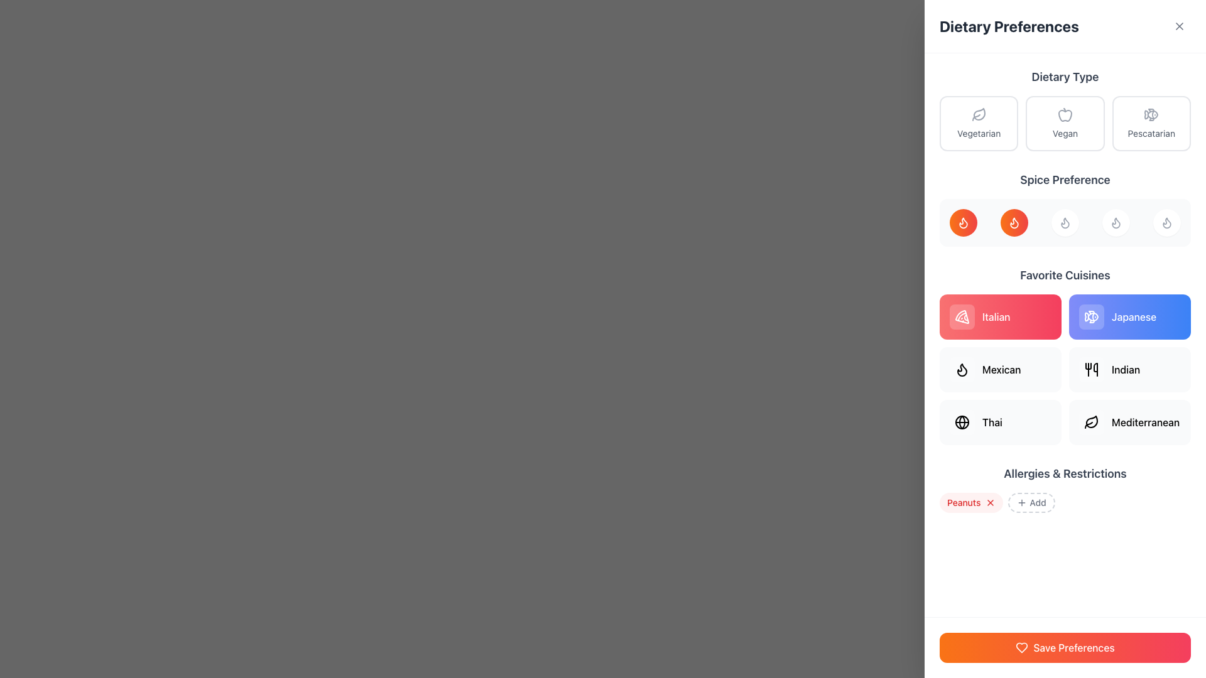  Describe the element at coordinates (1130, 316) in the screenshot. I see `the selectable button for Japanese cuisine preference located in the 'Favorite Cuisines' section of the Dietary Preferences interface` at that location.